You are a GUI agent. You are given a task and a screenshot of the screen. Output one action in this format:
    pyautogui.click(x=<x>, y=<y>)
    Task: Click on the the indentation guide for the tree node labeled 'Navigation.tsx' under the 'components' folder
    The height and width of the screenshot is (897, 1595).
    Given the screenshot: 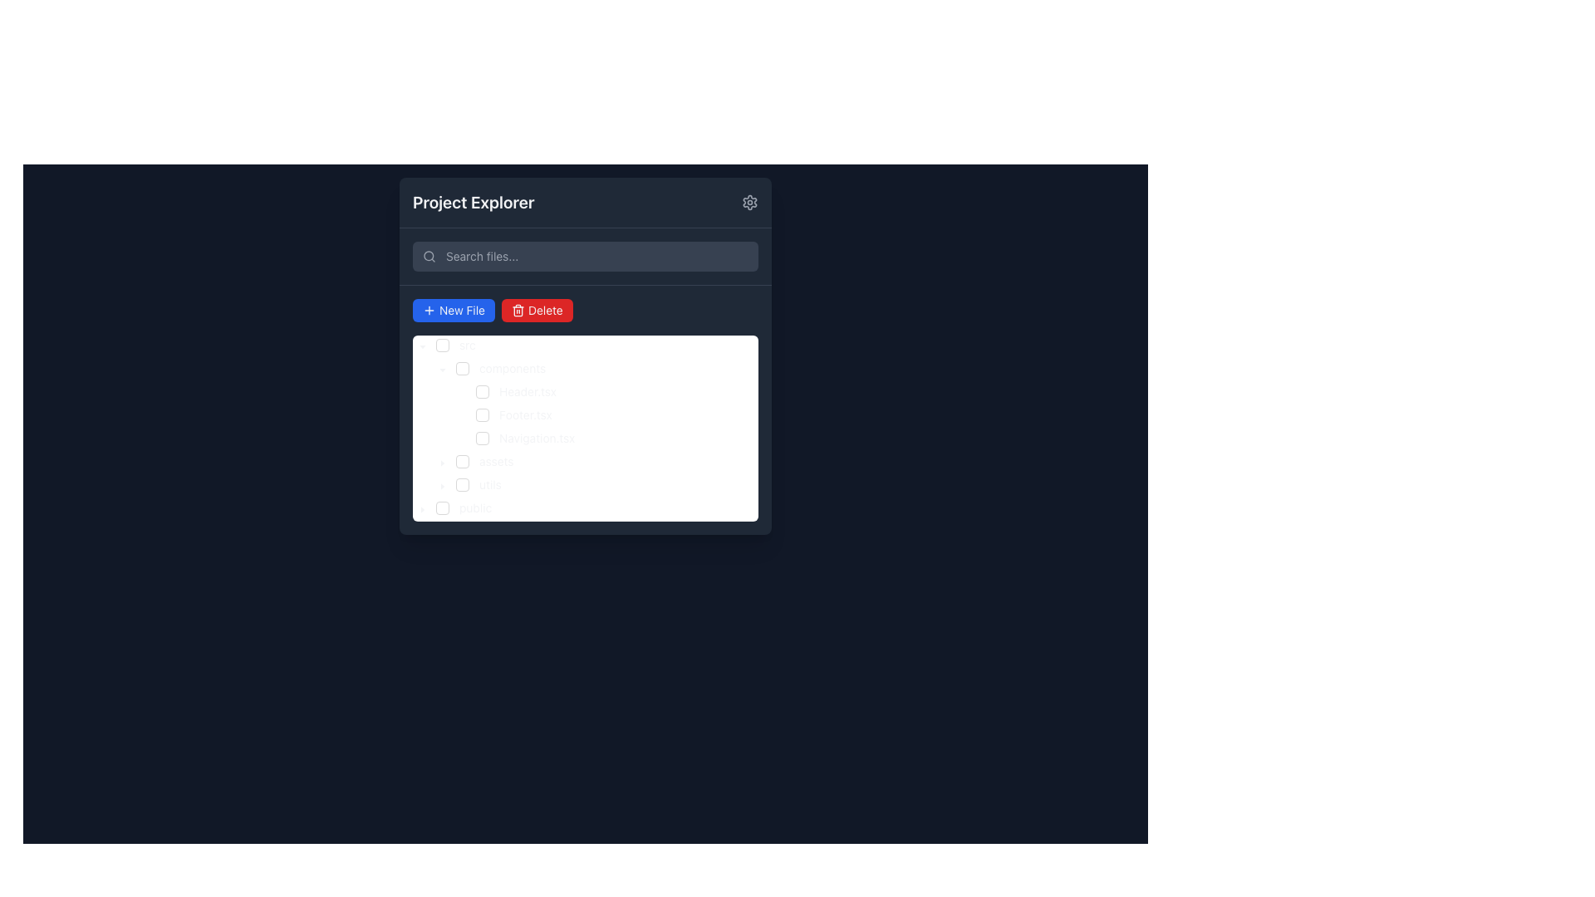 What is the action you would take?
    pyautogui.click(x=433, y=438)
    